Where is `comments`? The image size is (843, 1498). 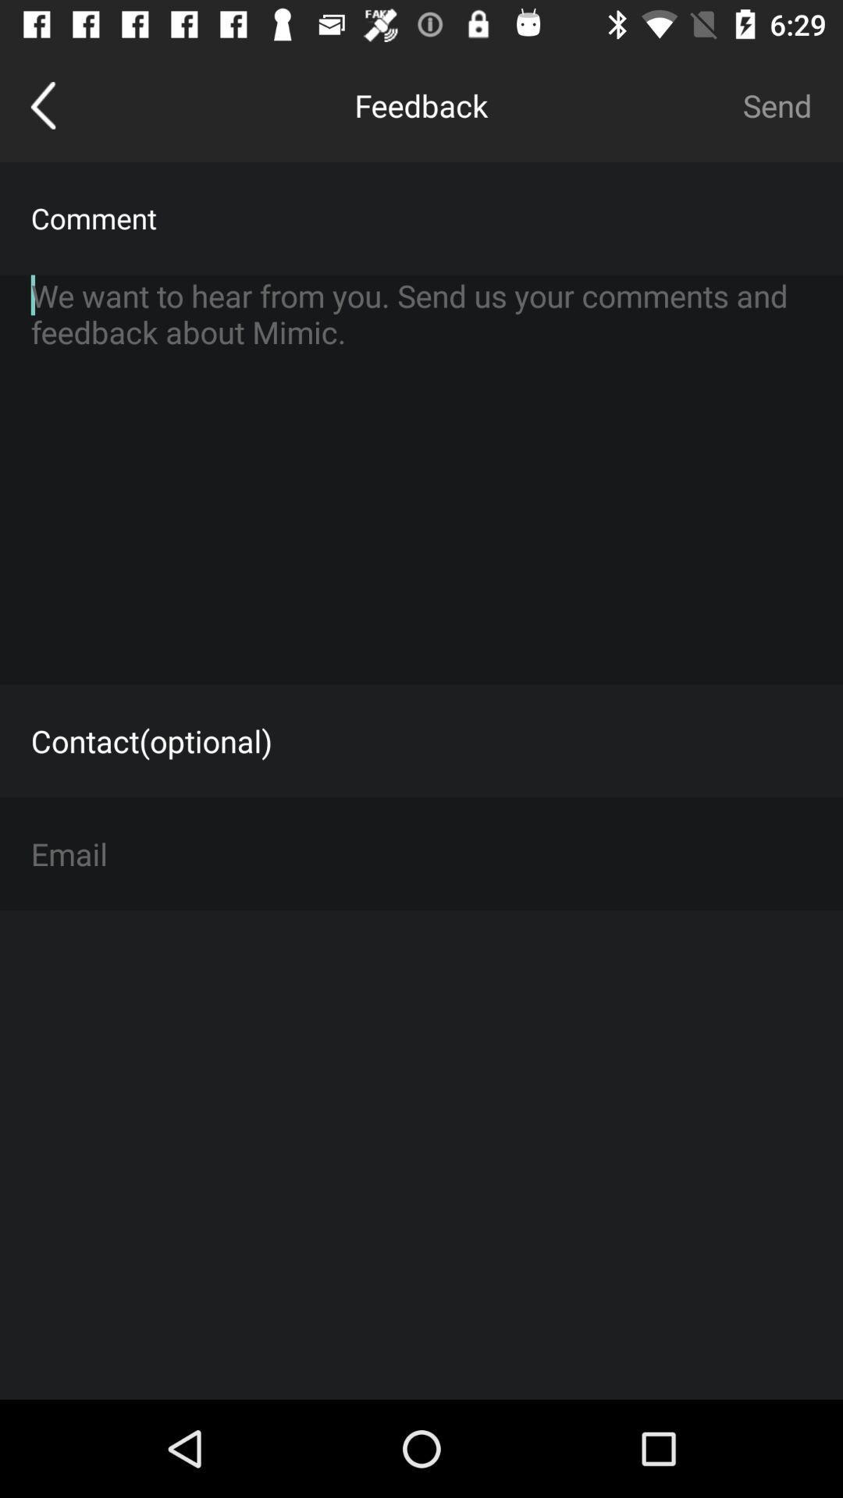 comments is located at coordinates (421, 478).